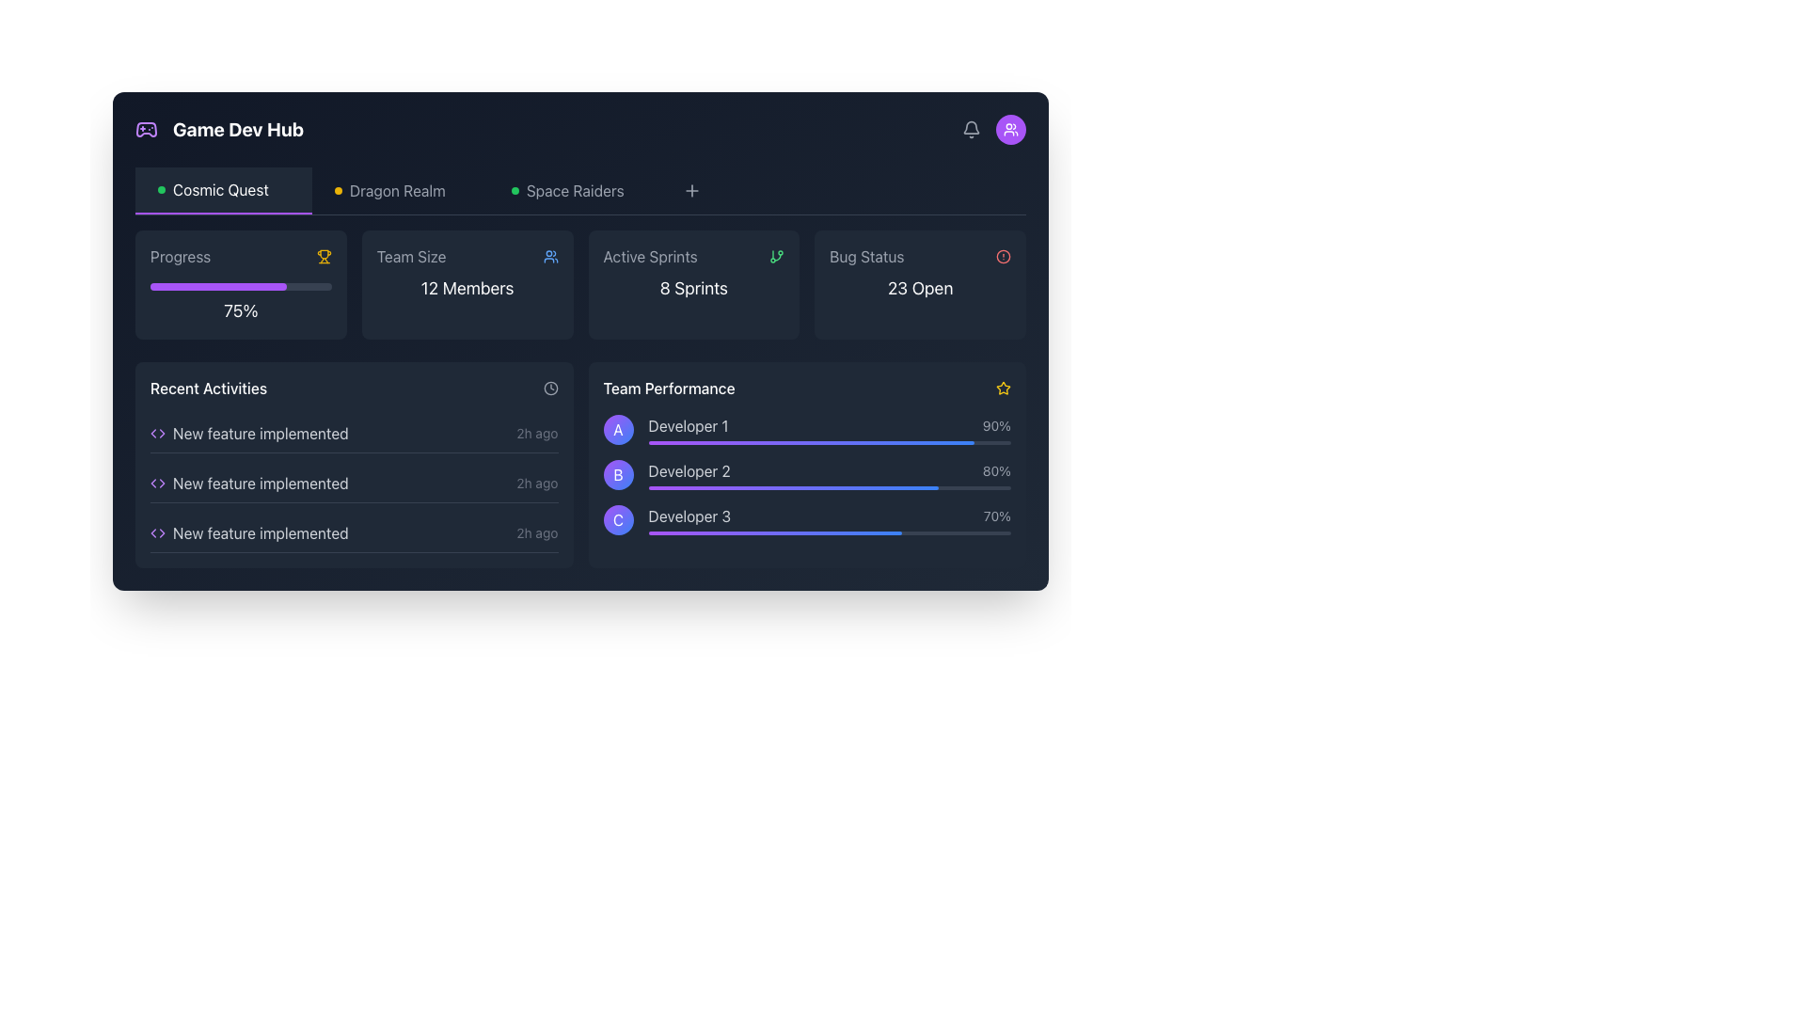 The width and height of the screenshot is (1806, 1016). What do you see at coordinates (829, 487) in the screenshot?
I see `the visual progress presented on the horizontal progress bar corresponding to 'Developer 2' in the 'Team Performance' section` at bounding box center [829, 487].